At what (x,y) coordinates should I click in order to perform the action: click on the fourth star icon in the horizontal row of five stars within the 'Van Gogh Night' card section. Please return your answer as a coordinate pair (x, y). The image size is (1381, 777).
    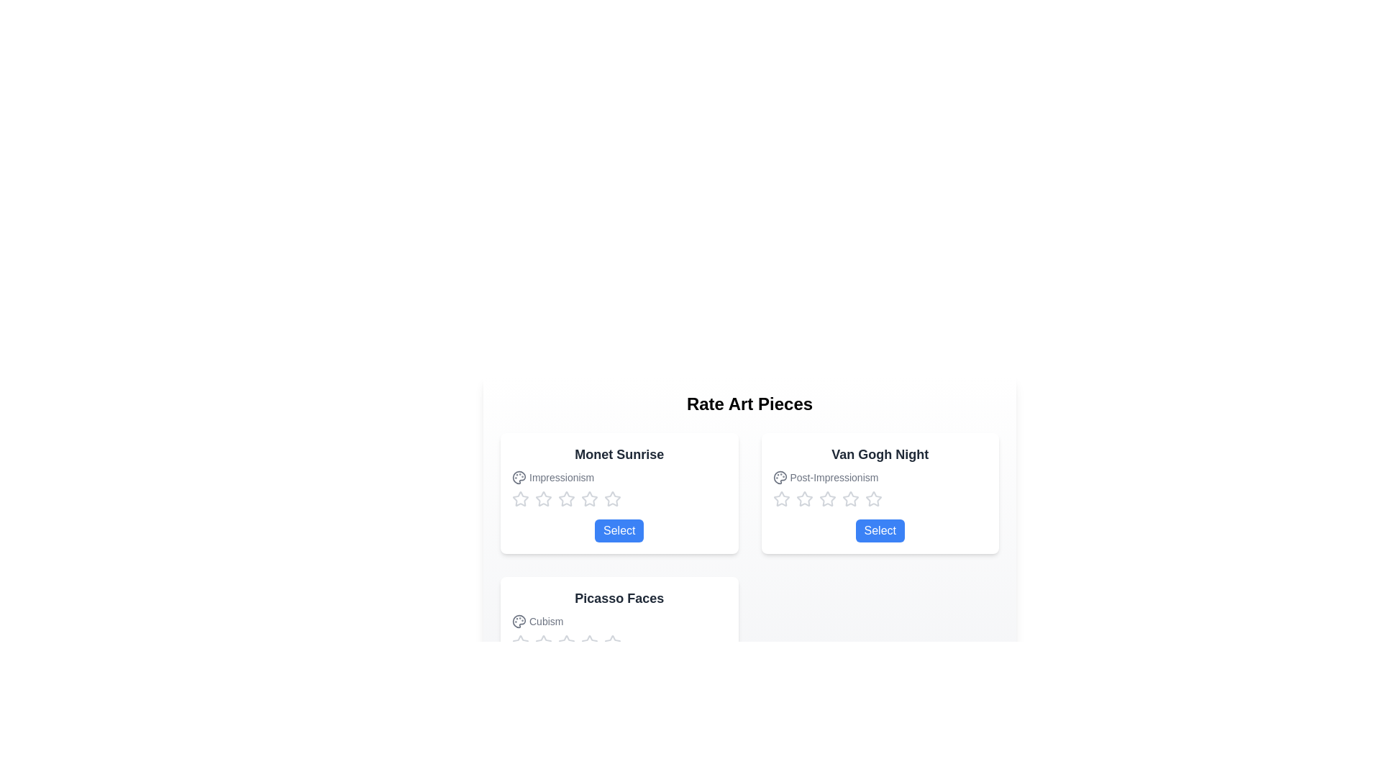
    Looking at the image, I should click on (827, 499).